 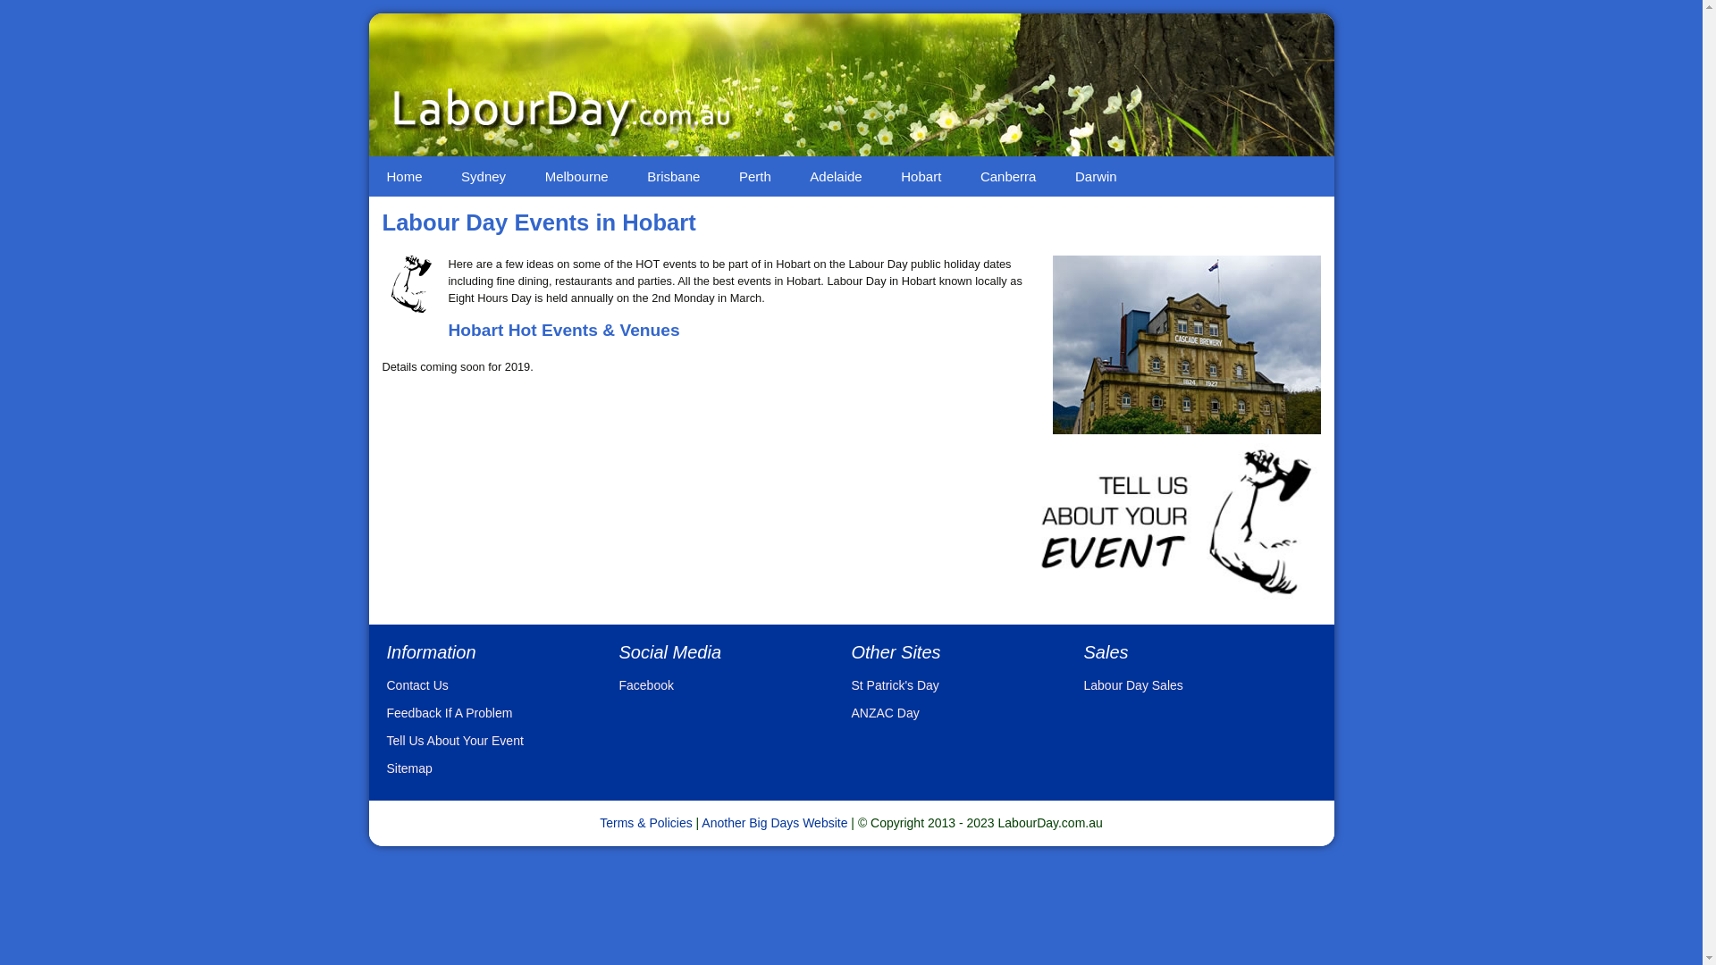 I want to click on 'Feedback If A Problem', so click(x=449, y=712).